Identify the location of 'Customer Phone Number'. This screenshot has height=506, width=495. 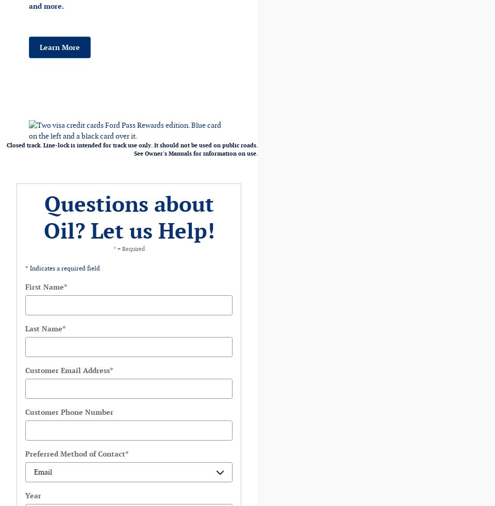
(69, 412).